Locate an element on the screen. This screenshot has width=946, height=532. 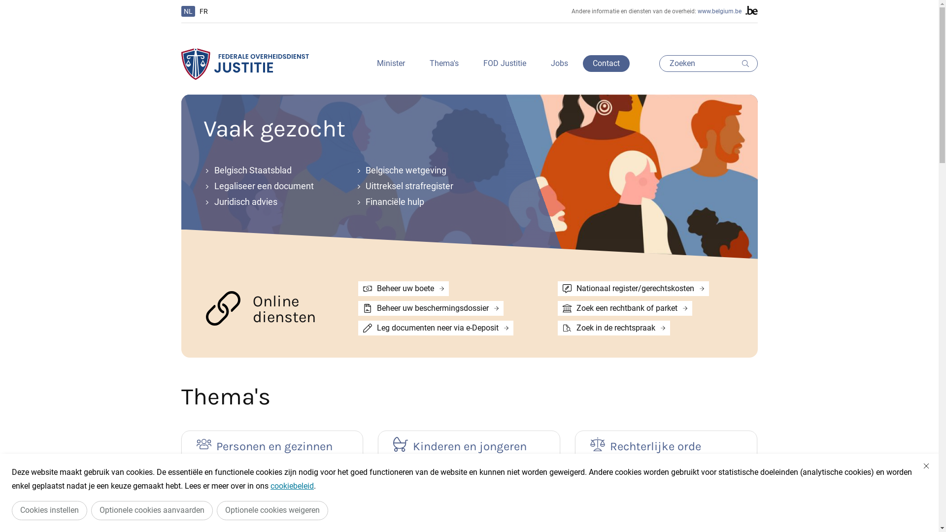
'www.belgium.be' is located at coordinates (719, 11).